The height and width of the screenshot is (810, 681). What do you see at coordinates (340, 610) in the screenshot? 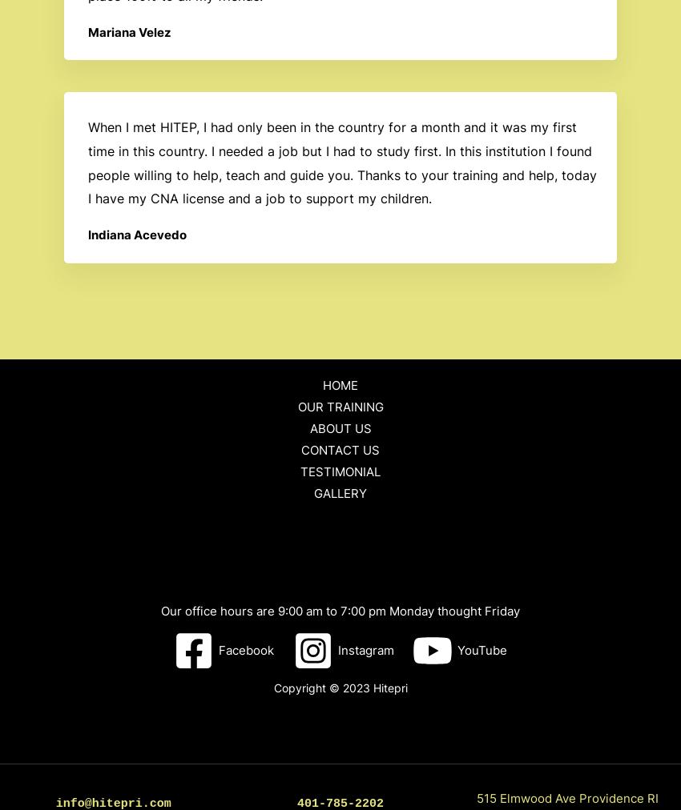
I see `'Our office hours are 
9:00 am  to 7:00 pm Monday thought Friday'` at bounding box center [340, 610].